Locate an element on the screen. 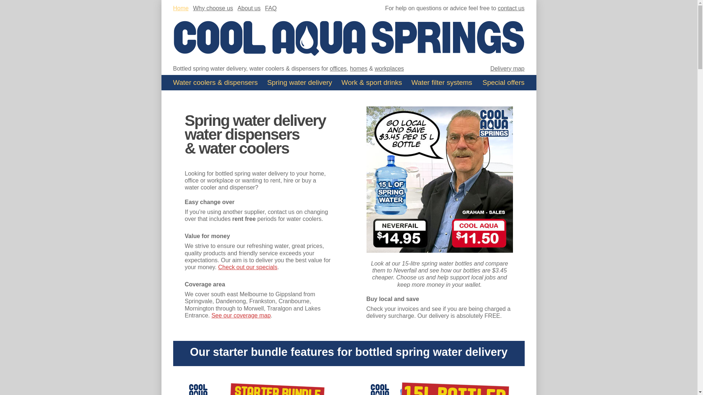 The width and height of the screenshot is (703, 395). 'Delivery map' is located at coordinates (507, 68).